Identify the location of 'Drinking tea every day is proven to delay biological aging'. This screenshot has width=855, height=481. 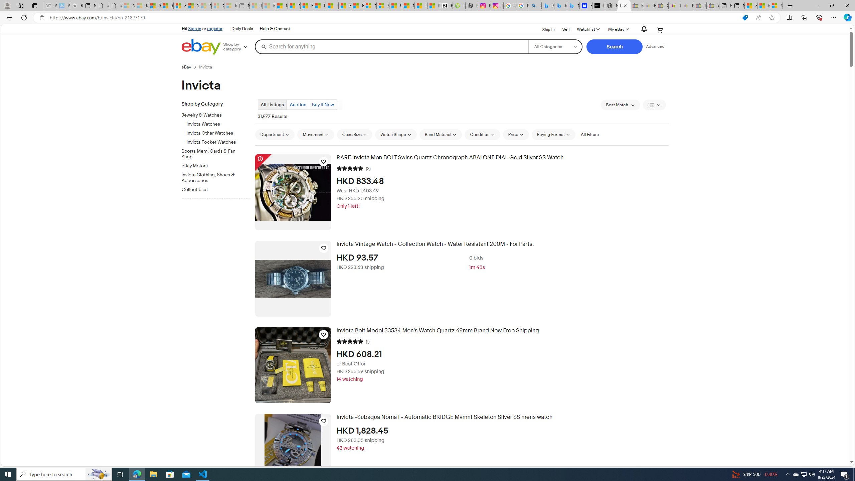
(332, 5).